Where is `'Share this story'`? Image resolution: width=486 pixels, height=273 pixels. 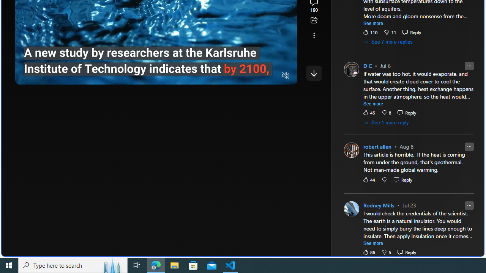 'Share this story' is located at coordinates (314, 20).